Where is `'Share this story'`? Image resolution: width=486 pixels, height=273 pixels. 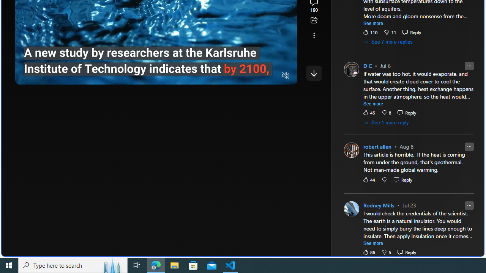 'Share this story' is located at coordinates (314, 20).